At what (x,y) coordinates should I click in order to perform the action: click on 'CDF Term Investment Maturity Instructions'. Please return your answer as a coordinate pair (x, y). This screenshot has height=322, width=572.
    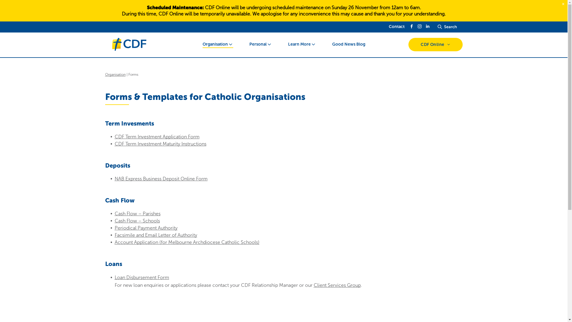
    Looking at the image, I should click on (160, 144).